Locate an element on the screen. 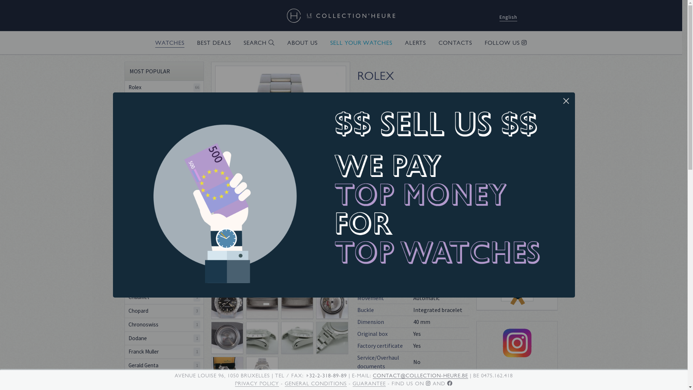 This screenshot has height=390, width=693. 'Chaumet is located at coordinates (164, 297).